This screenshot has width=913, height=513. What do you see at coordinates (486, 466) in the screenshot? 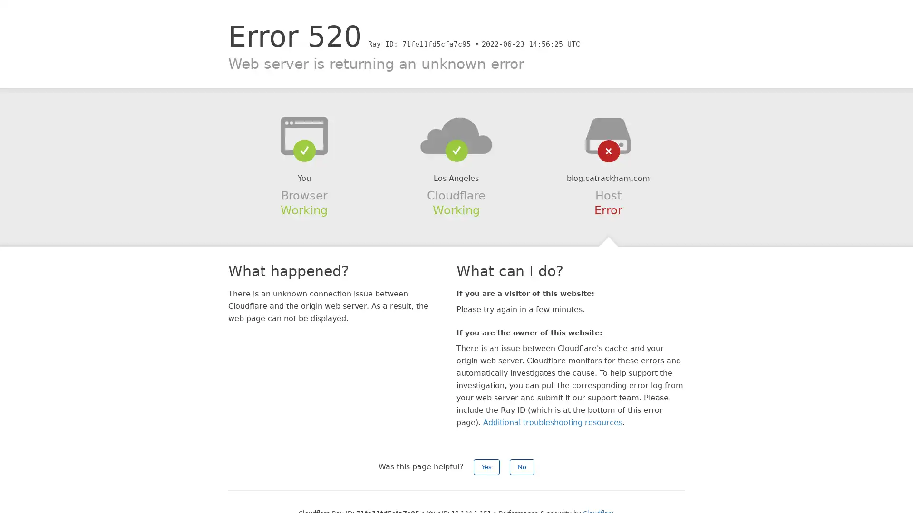
I see `Yes` at bounding box center [486, 466].